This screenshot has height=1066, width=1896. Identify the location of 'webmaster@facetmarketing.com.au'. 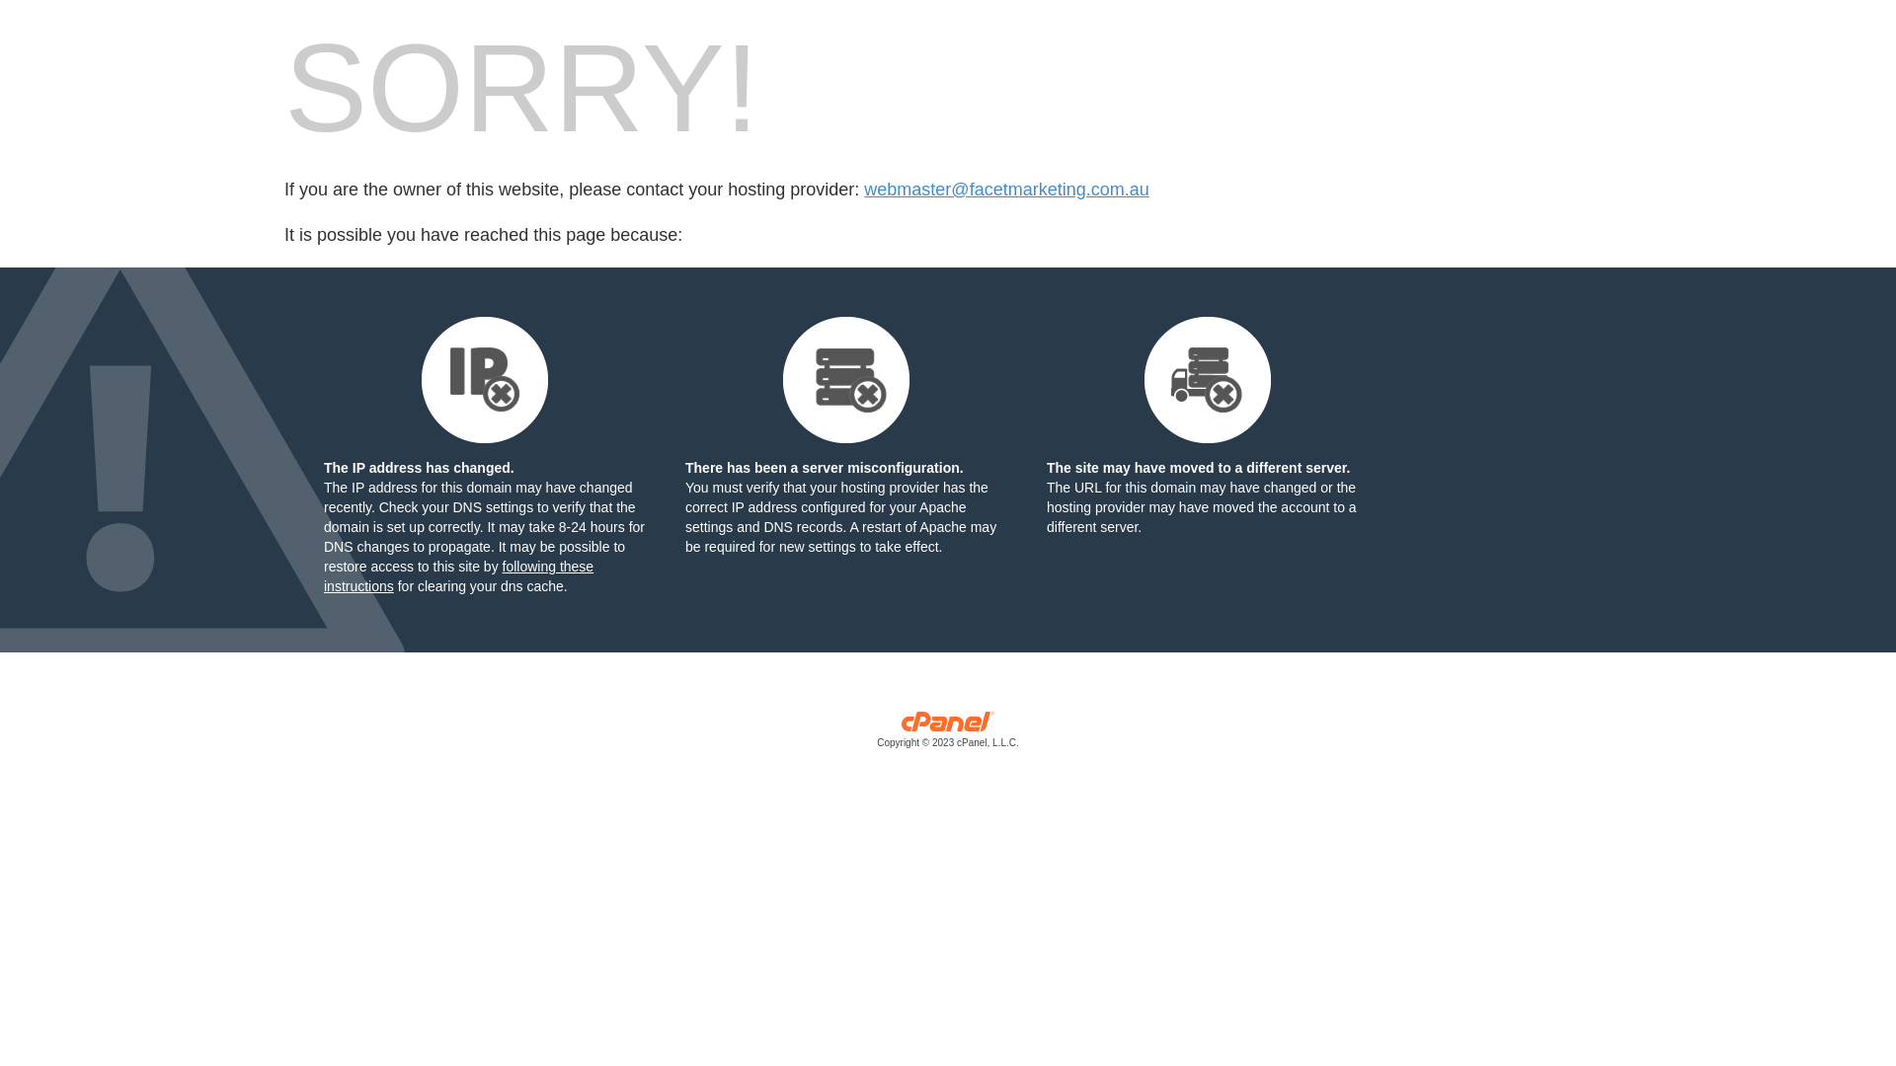
(1005, 190).